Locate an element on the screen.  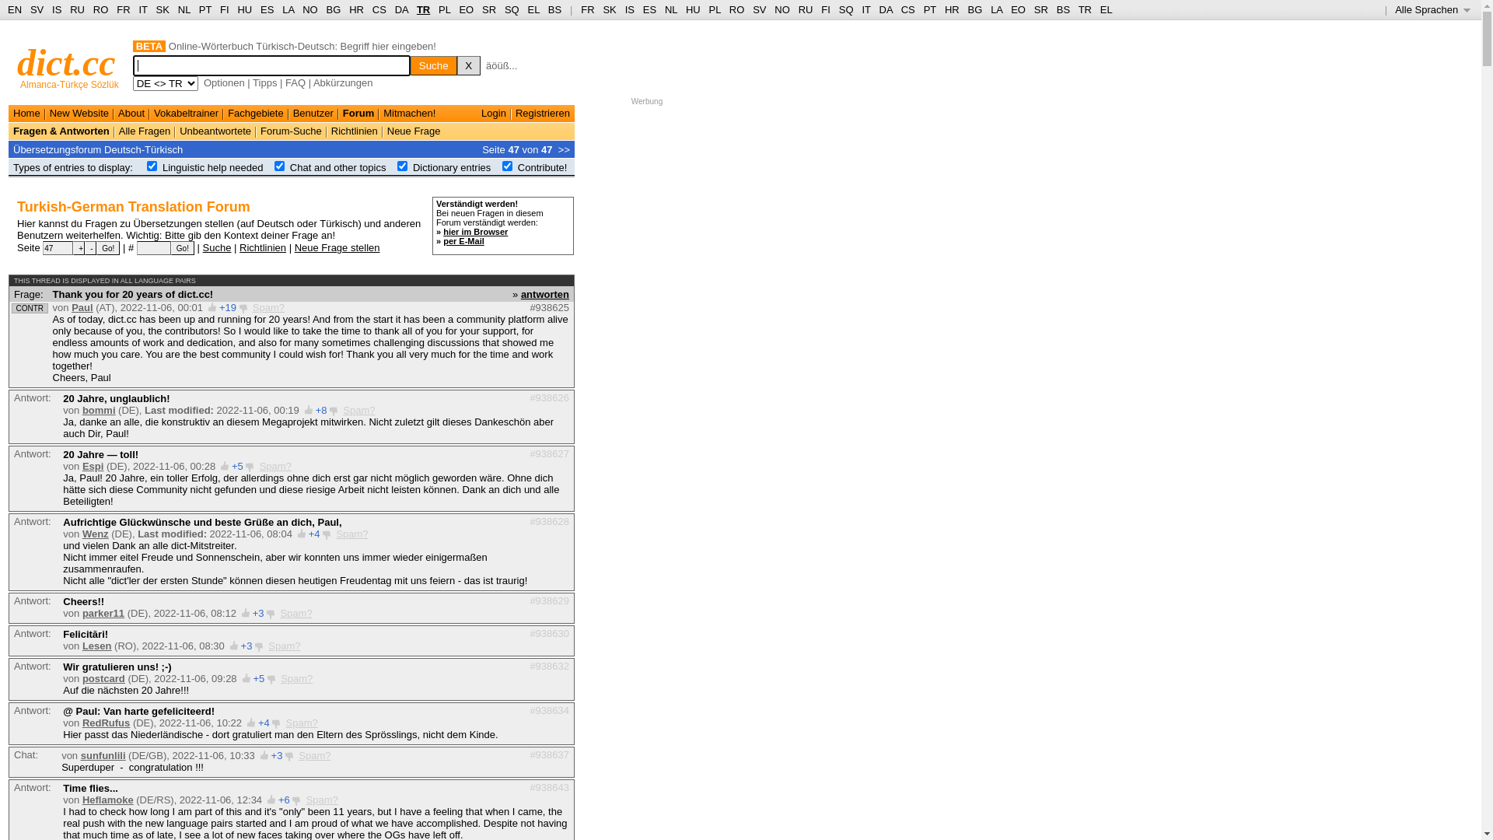
'NL' is located at coordinates (671, 9).